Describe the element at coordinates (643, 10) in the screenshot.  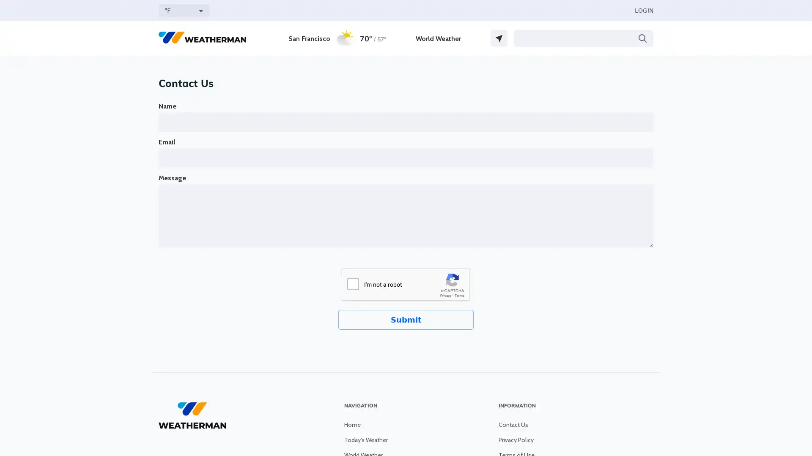
I see `LOGIN` at that location.